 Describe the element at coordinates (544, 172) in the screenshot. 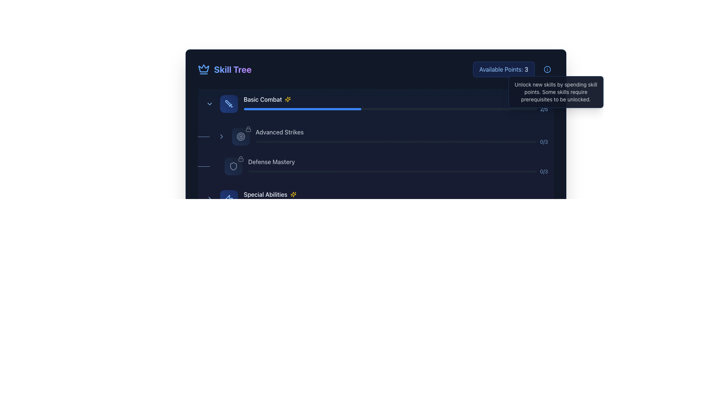

I see `the progress label that shows the current status (0) versus the maximum value (3) within the digital skill tree interface` at that location.